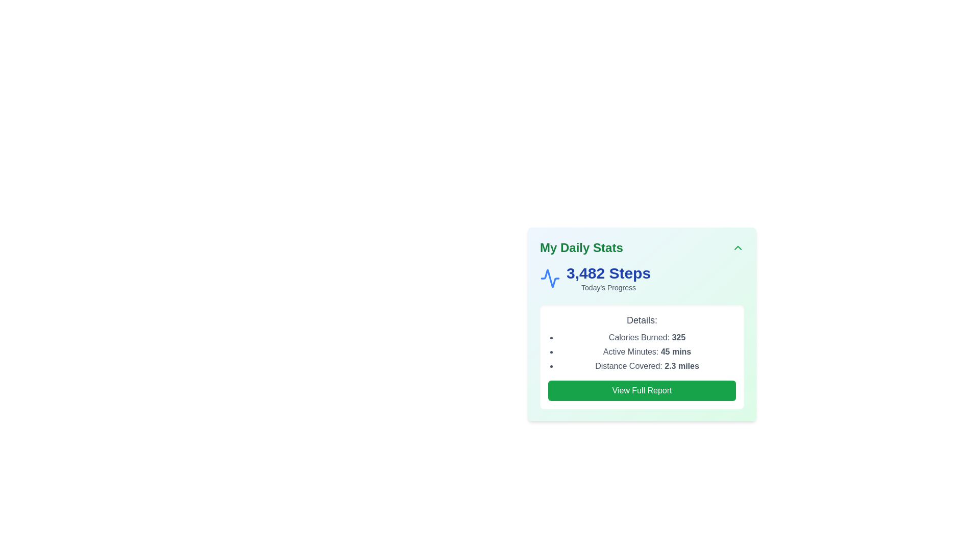  What do you see at coordinates (608, 279) in the screenshot?
I see `text displayed in the Text Content Display located in the top-right section of the light green card labeled 'My Daily Stats', which is positioned to the right of a blue wave icon` at bounding box center [608, 279].